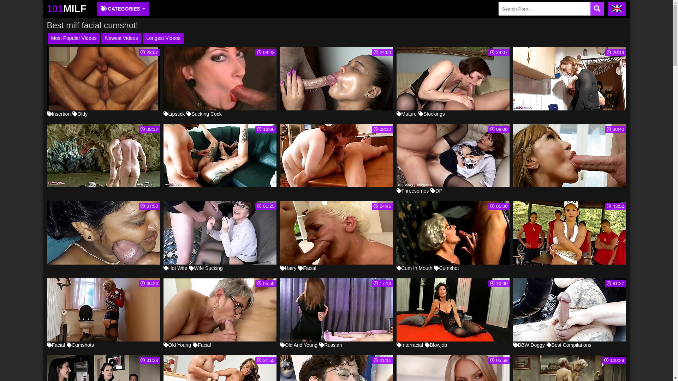 This screenshot has width=678, height=381. Describe the element at coordinates (73, 38) in the screenshot. I see `'Most Popular Videos'` at that location.